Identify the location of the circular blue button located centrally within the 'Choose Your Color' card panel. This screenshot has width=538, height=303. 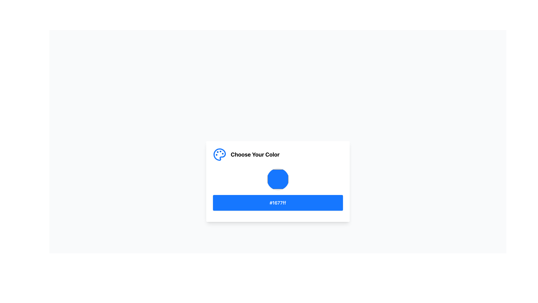
(278, 179).